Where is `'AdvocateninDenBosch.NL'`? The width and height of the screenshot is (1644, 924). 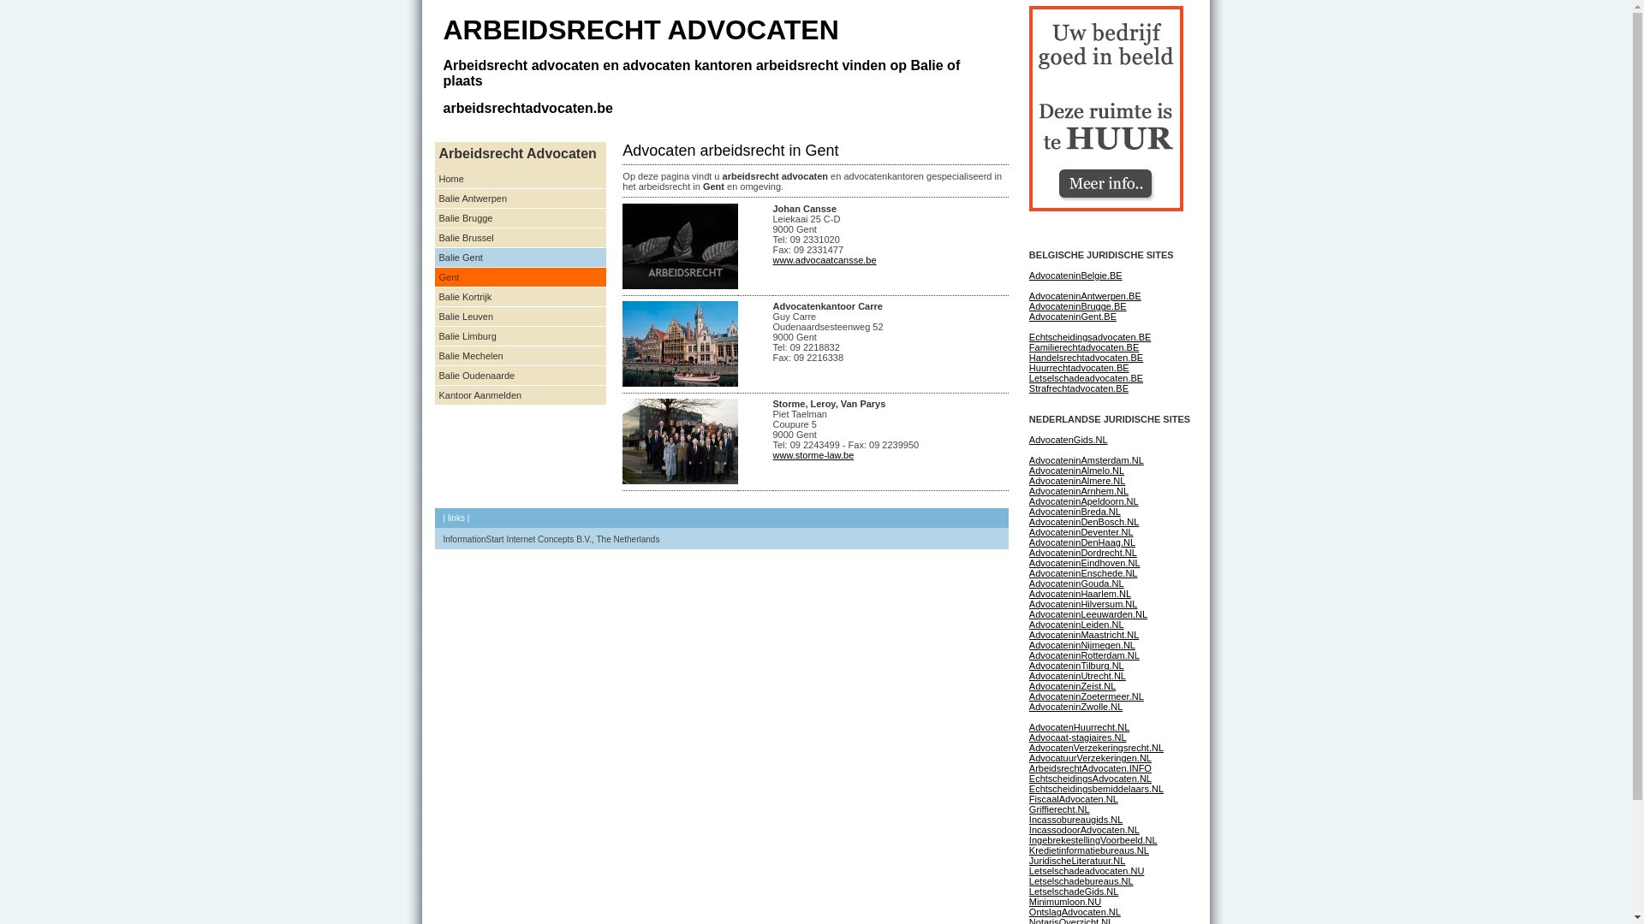
'AdvocateninDenBosch.NL' is located at coordinates (1083, 520).